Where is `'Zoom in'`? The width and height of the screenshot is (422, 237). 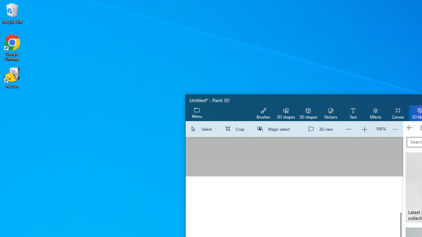 'Zoom in' is located at coordinates (364, 129).